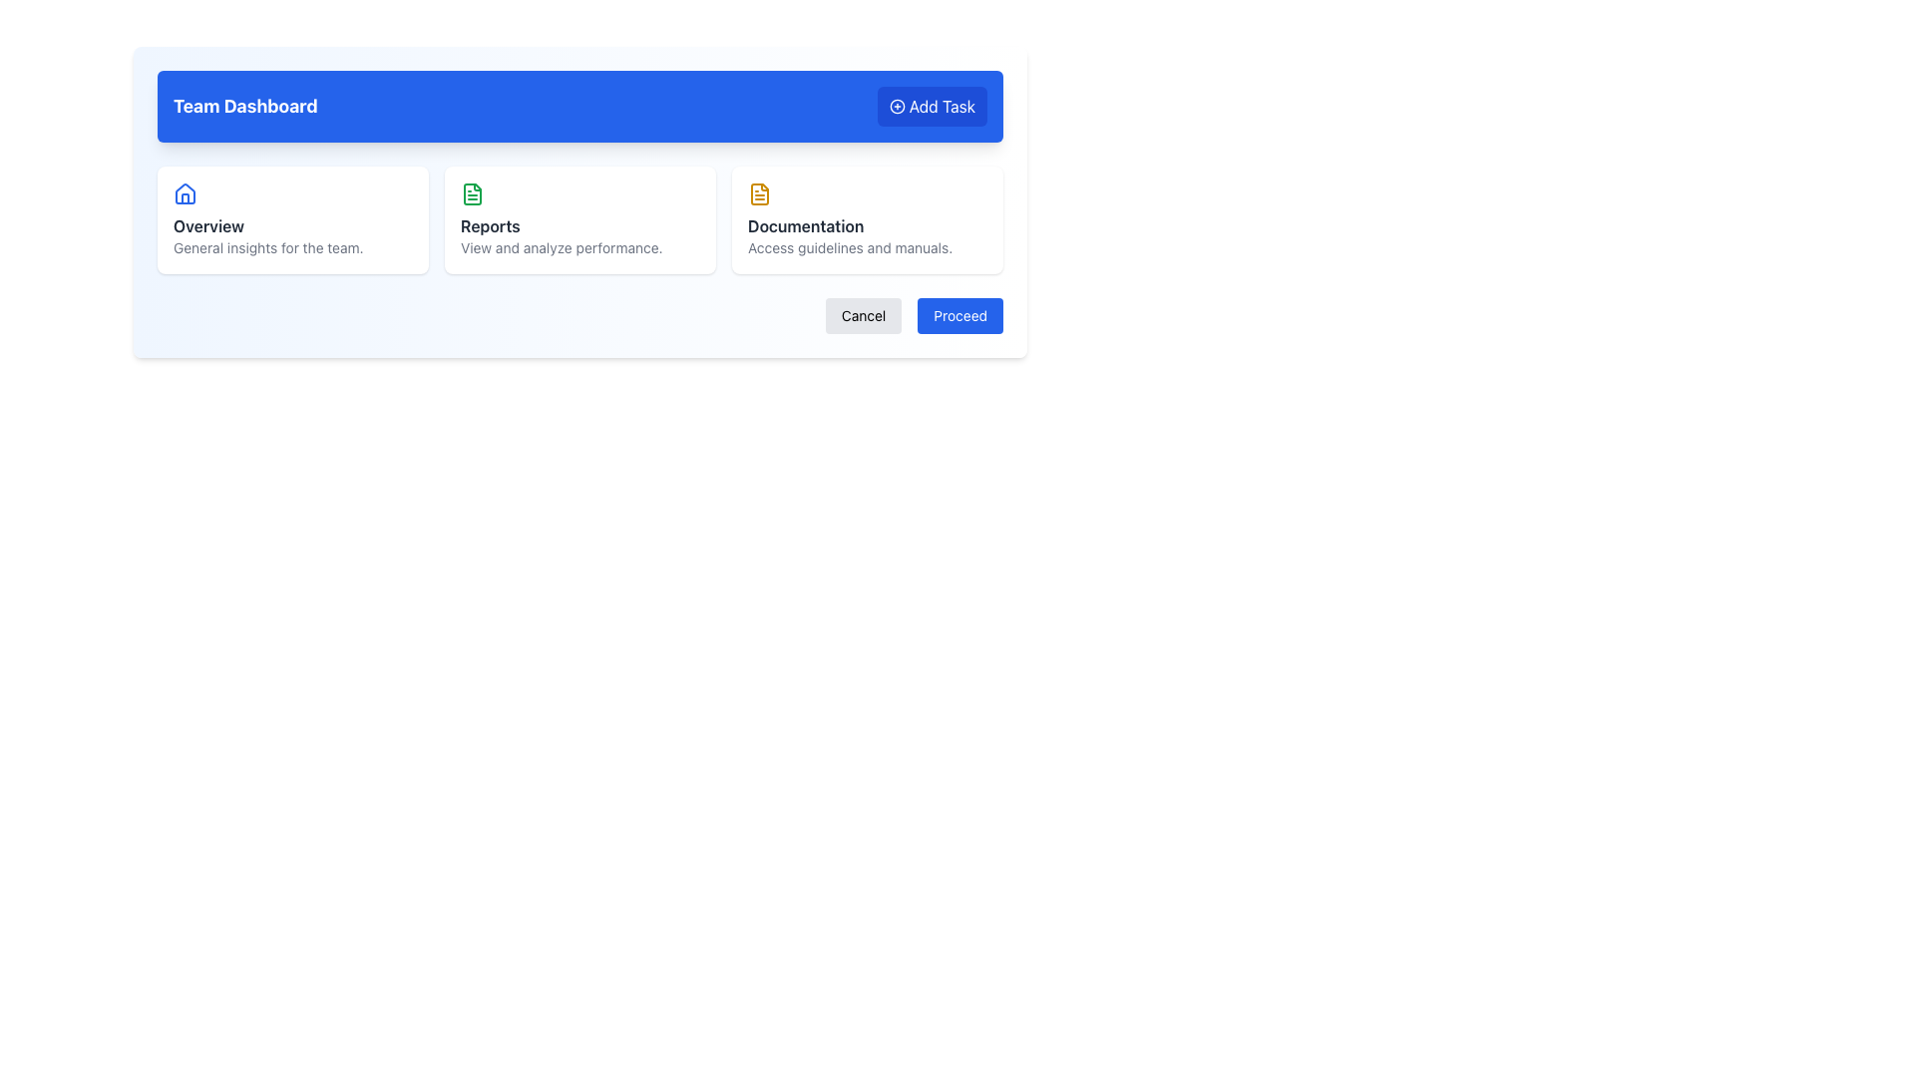 The width and height of the screenshot is (1915, 1077). What do you see at coordinates (867, 219) in the screenshot?
I see `the third card in the grid` at bounding box center [867, 219].